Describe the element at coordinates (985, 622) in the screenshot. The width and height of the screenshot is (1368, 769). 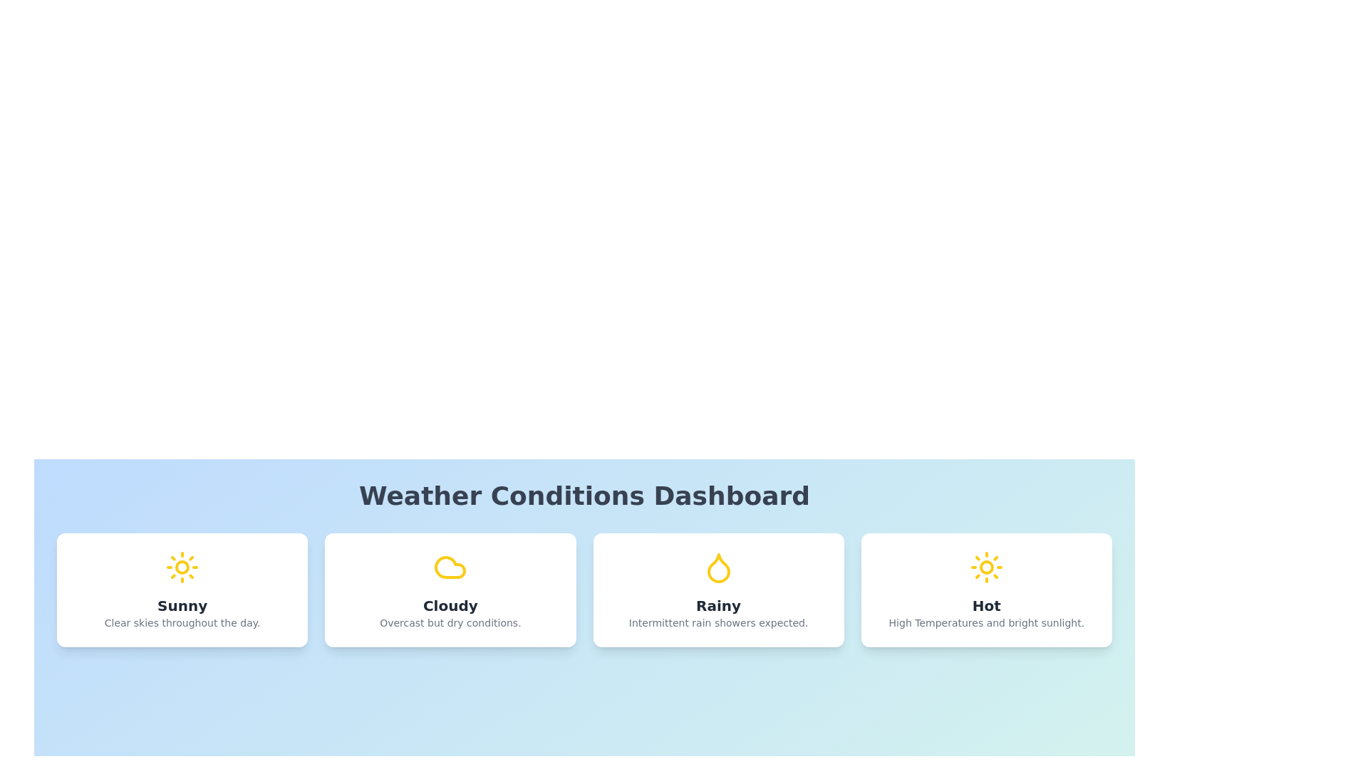
I see `the text label that reads 'High Temperatures and bright sunlight.' located under the title 'Hot' within the white rectangular card` at that location.